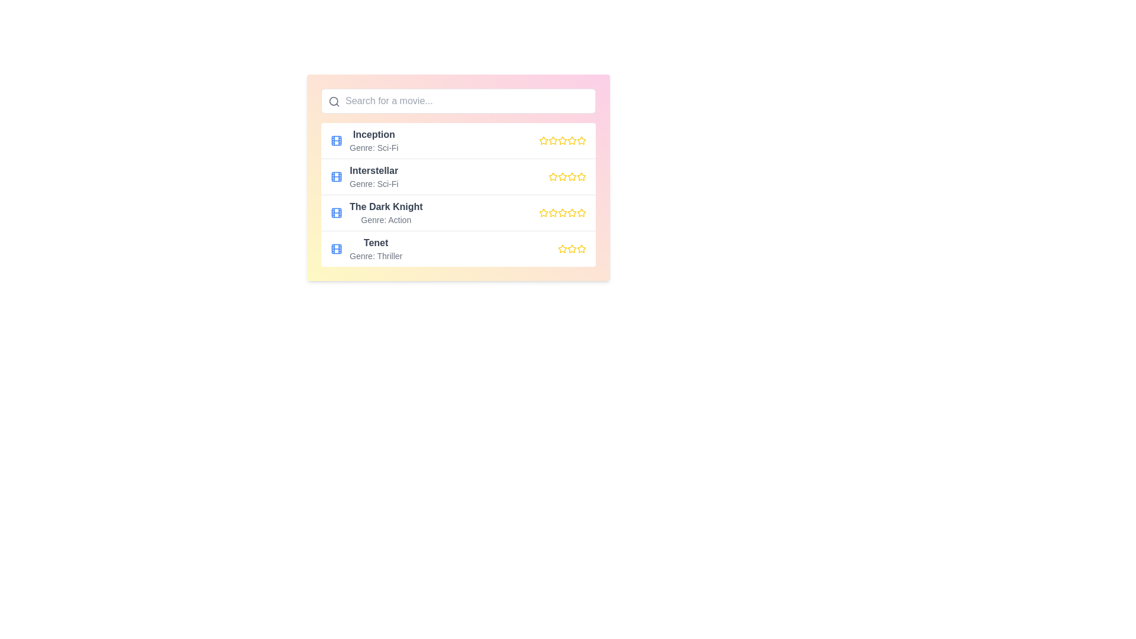  What do you see at coordinates (582, 140) in the screenshot?
I see `the golden-yellow star icon representing the first star` at bounding box center [582, 140].